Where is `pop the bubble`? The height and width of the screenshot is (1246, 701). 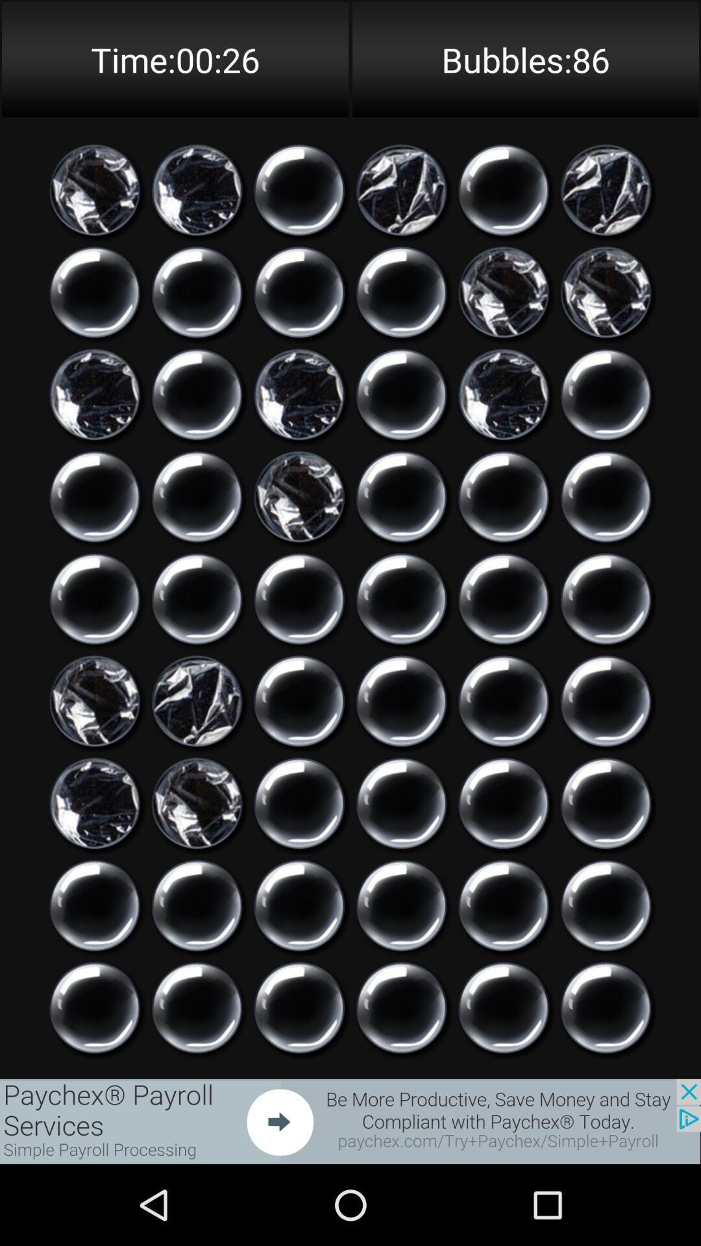
pop the bubble is located at coordinates (606, 496).